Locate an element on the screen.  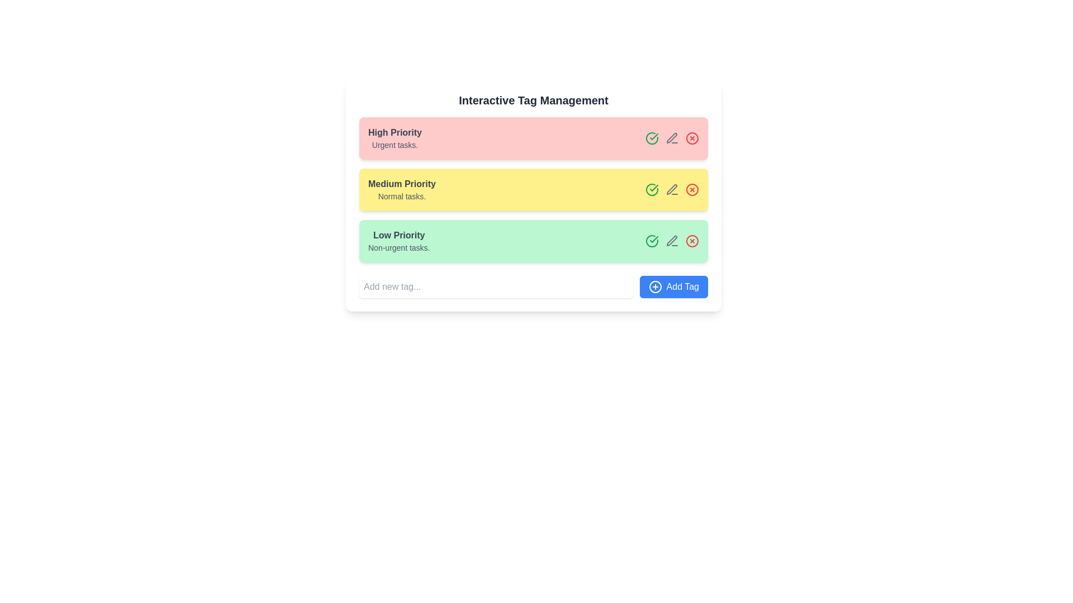
the small green checkmark icon, which is part of the UI for confirming actions in the 'Low Priority' section is located at coordinates (654, 238).